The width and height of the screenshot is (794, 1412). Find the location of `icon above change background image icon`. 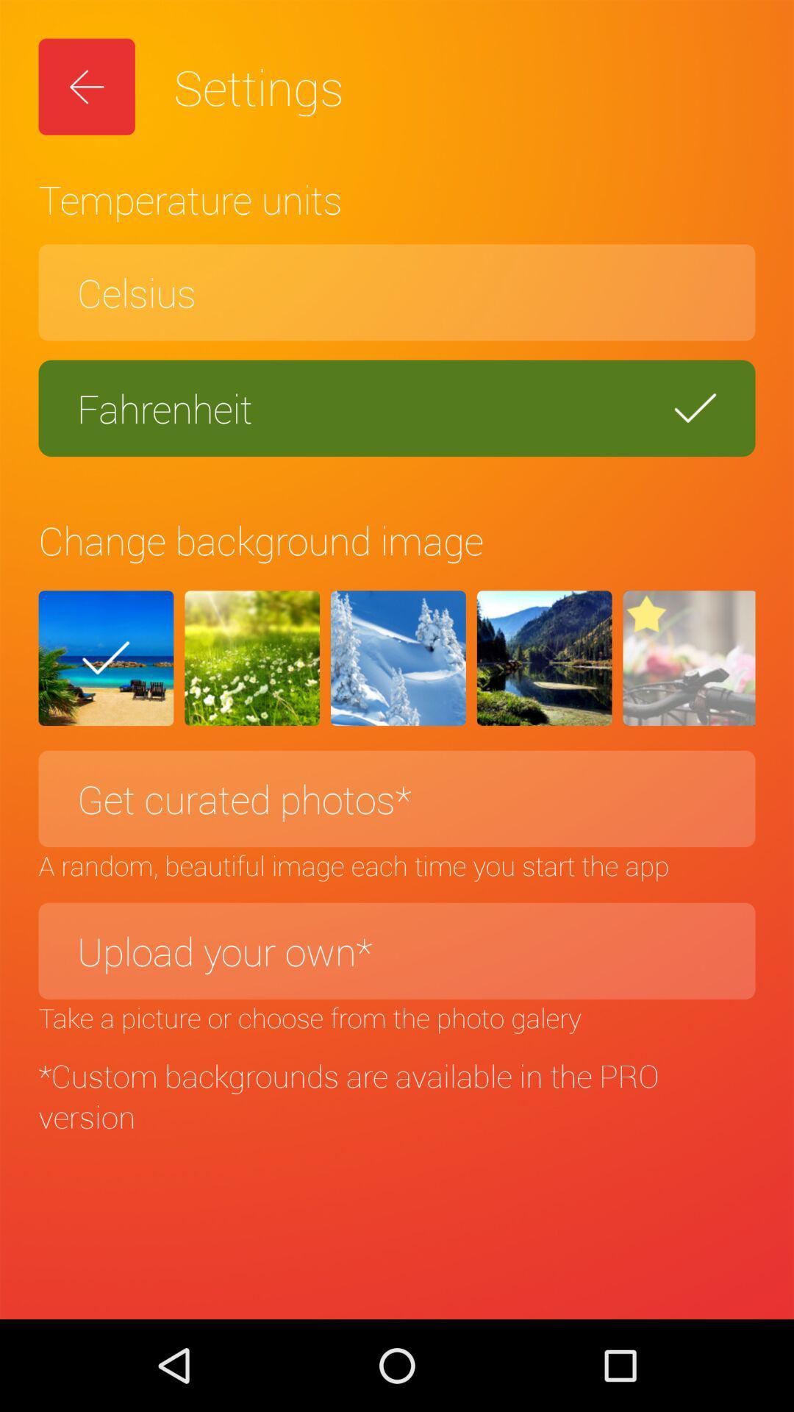

icon above change background image icon is located at coordinates (397, 408).